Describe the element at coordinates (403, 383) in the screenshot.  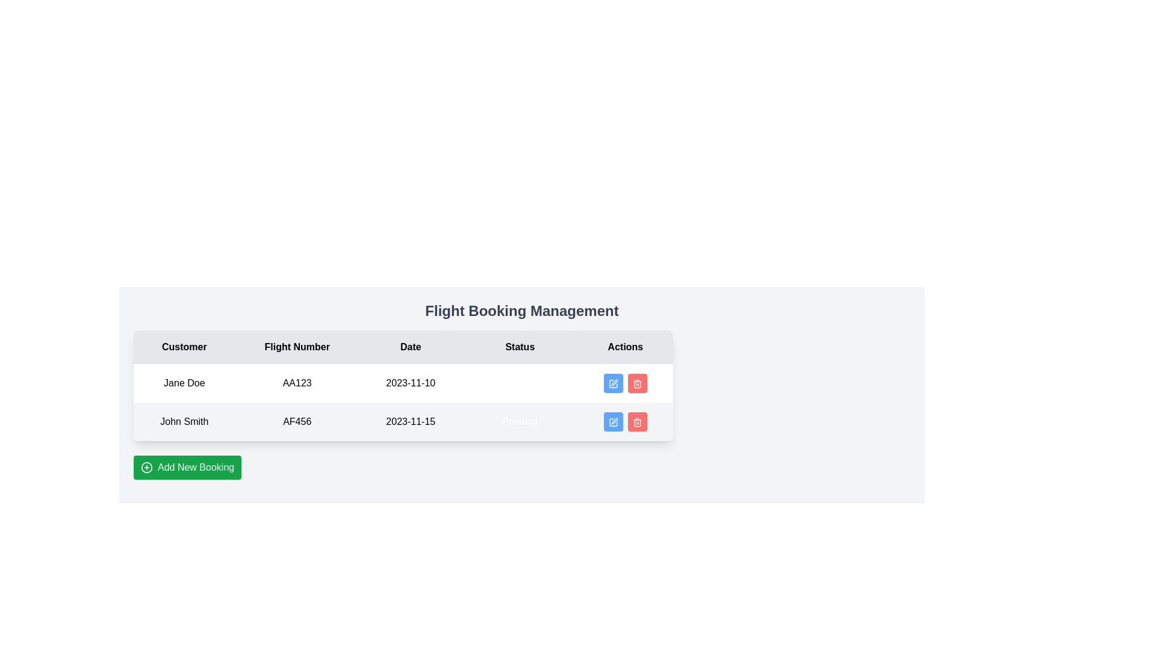
I see `the first row of the flight booking table for 'Jane Doe' to view detailed information` at that location.